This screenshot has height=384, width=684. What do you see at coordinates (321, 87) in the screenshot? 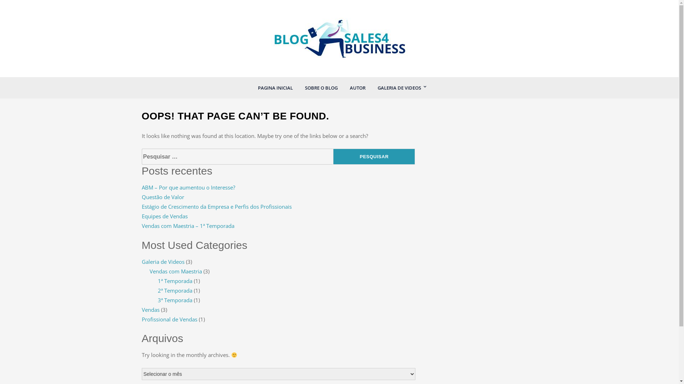
I see `'SOBRE O BLOG'` at bounding box center [321, 87].